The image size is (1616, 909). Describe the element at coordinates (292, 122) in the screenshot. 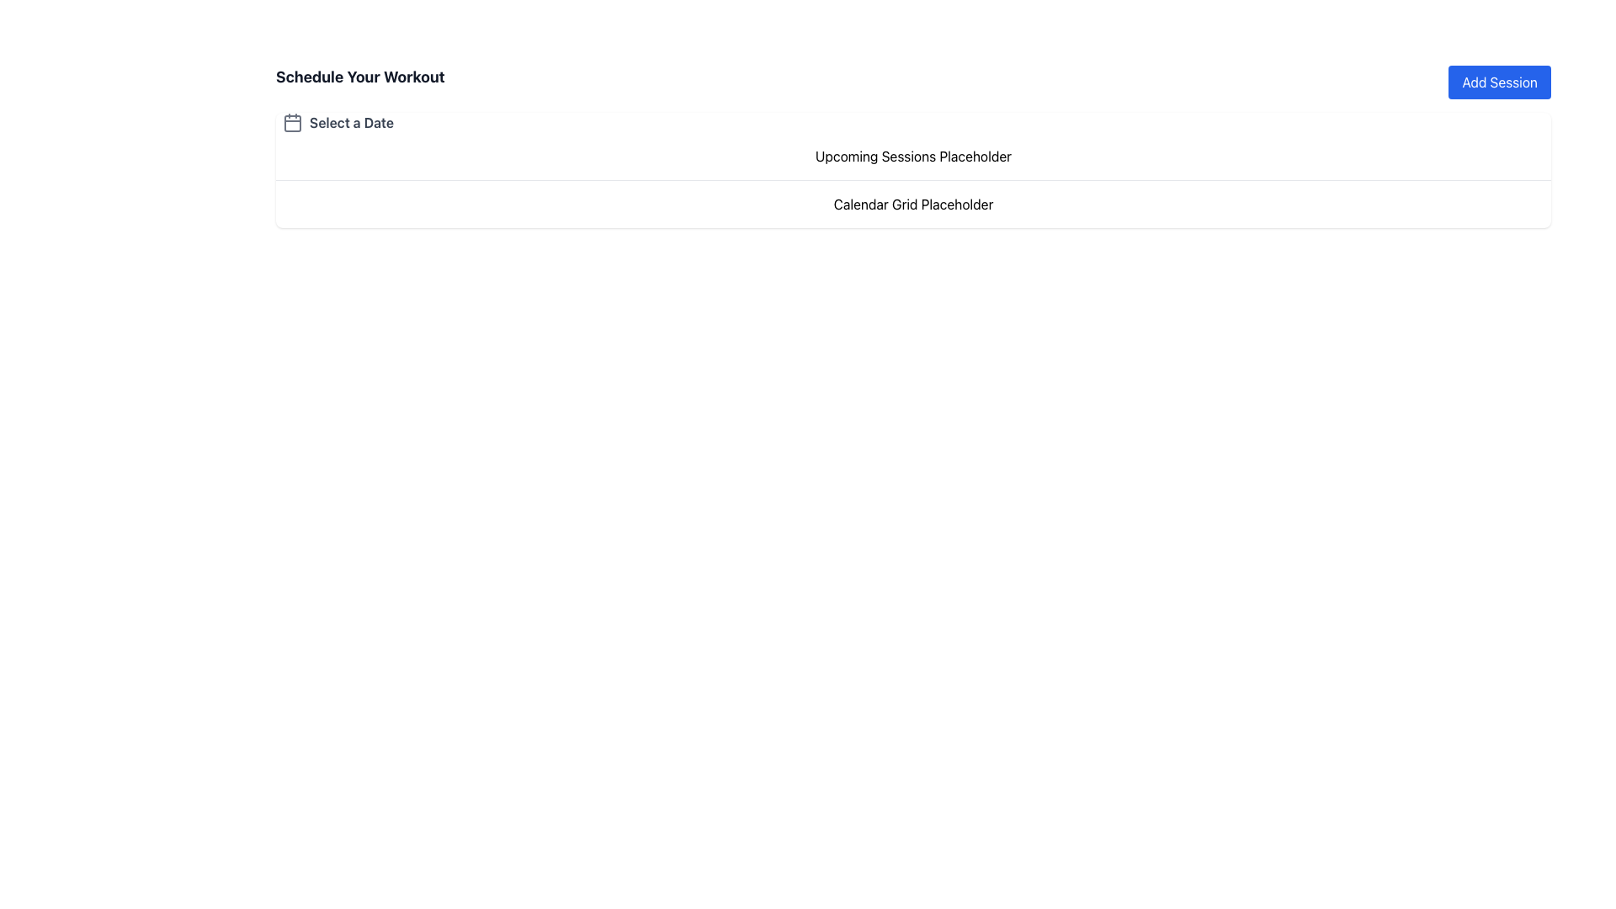

I see `the decorative subcomponent of the calendar icon located to the left of the 'Select a Date' text, underneath the header 'Schedule Your Workout'` at that location.